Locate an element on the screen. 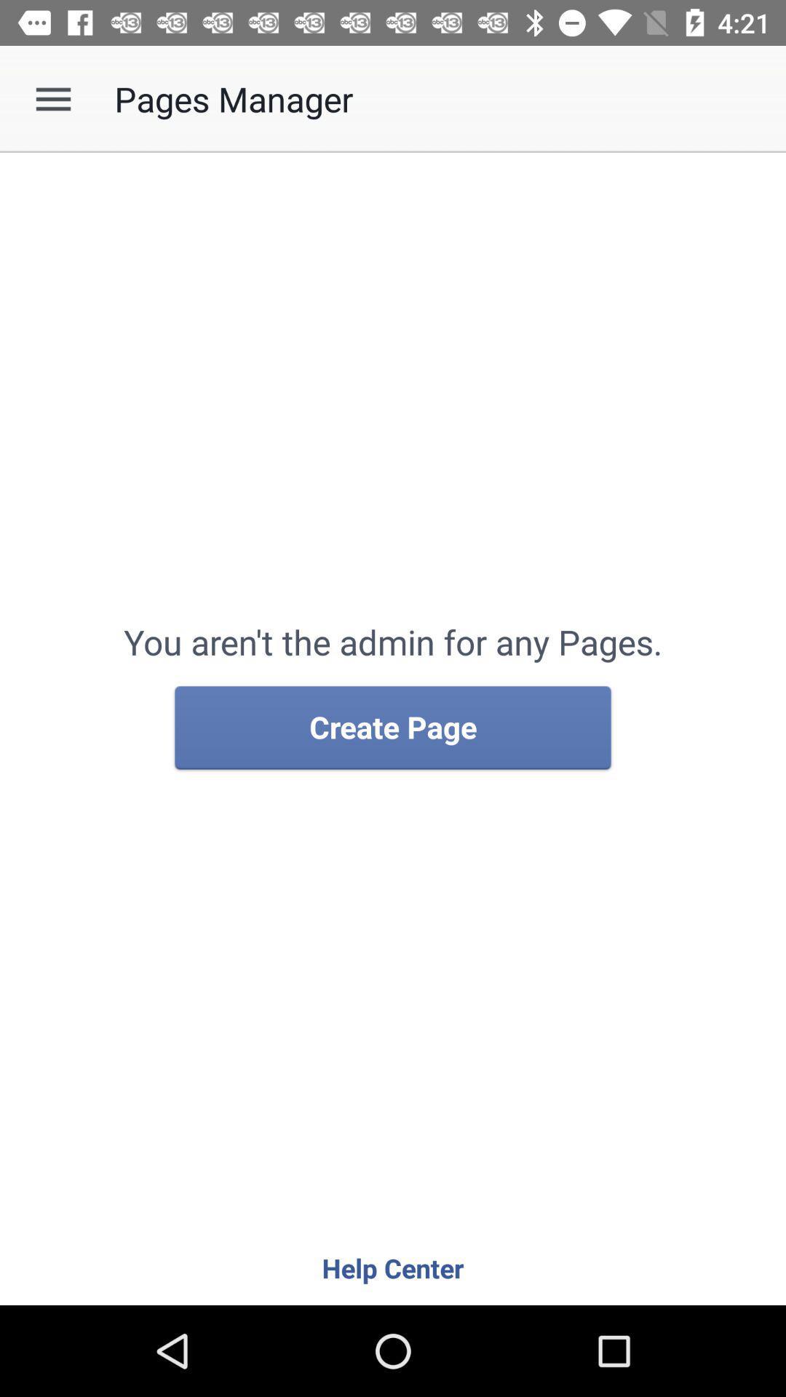 Image resolution: width=786 pixels, height=1397 pixels. help center icon is located at coordinates (393, 1267).